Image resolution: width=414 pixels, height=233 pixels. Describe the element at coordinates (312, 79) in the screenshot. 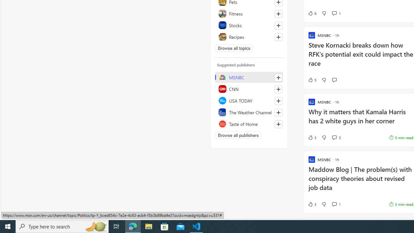

I see `'5 Like'` at that location.